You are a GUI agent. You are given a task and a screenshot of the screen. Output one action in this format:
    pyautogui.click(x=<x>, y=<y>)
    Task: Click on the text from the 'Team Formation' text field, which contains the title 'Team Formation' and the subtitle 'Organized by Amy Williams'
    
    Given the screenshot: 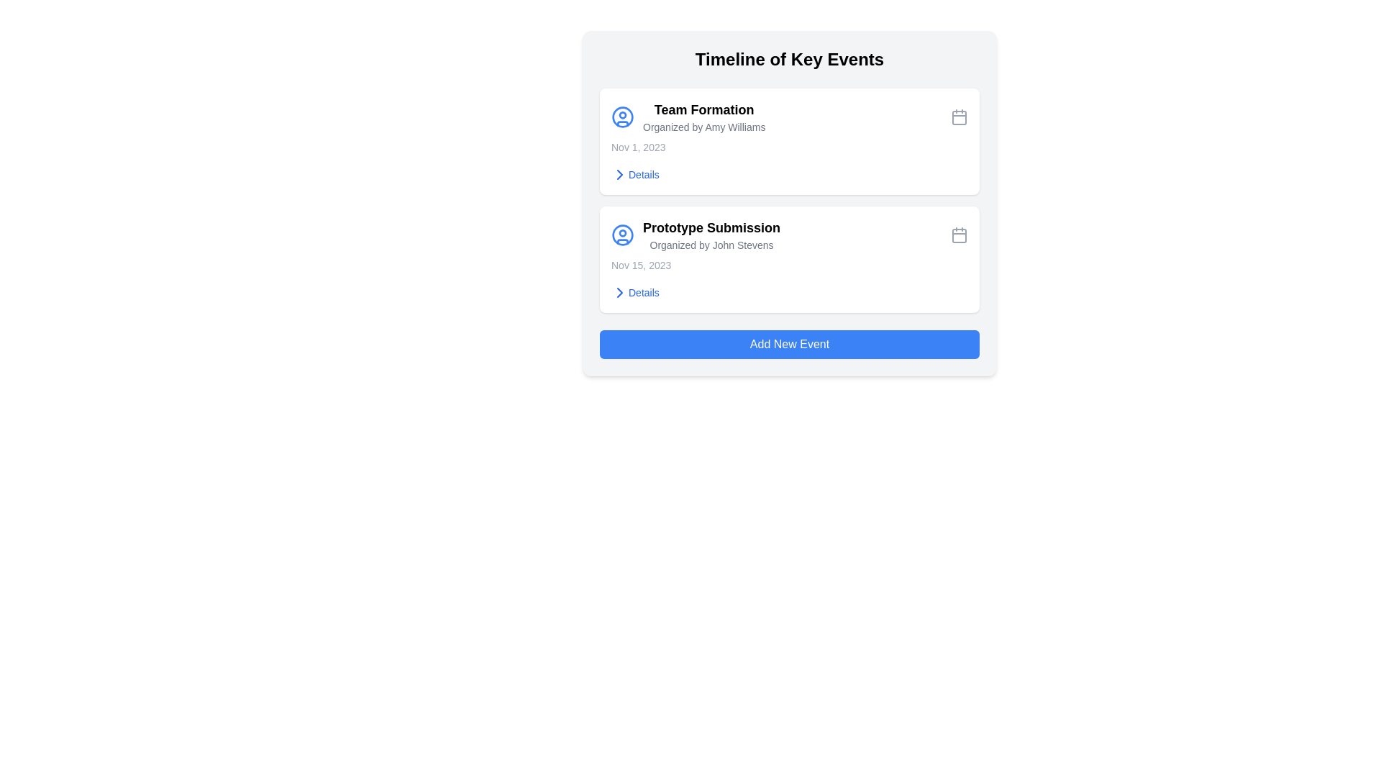 What is the action you would take?
    pyautogui.click(x=704, y=116)
    